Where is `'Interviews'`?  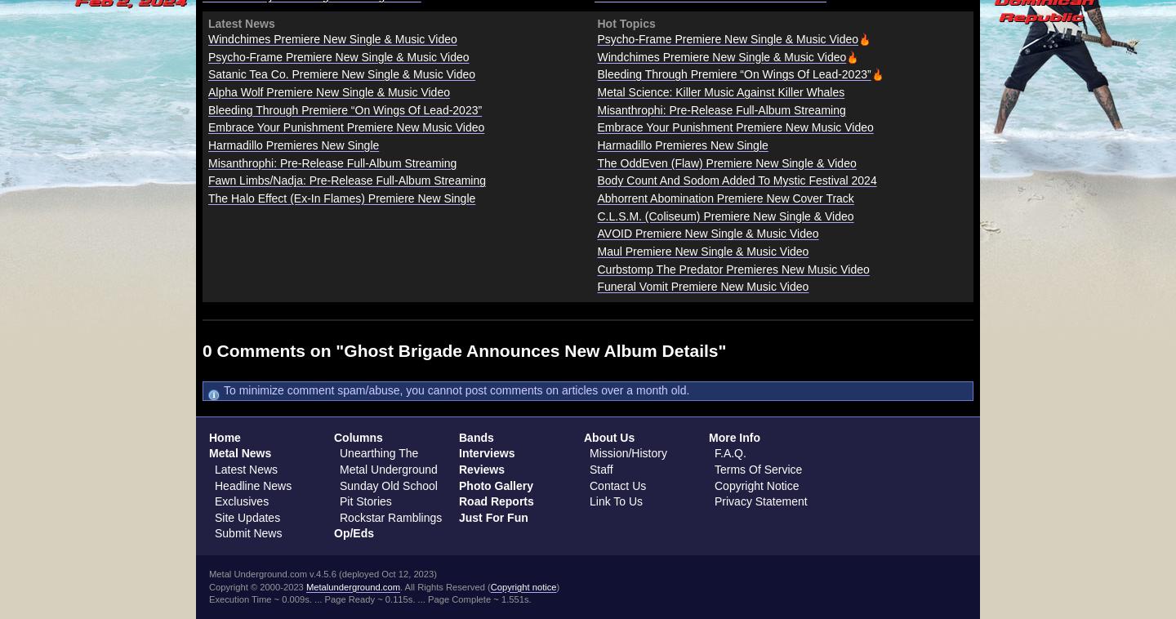
'Interviews' is located at coordinates (487, 452).